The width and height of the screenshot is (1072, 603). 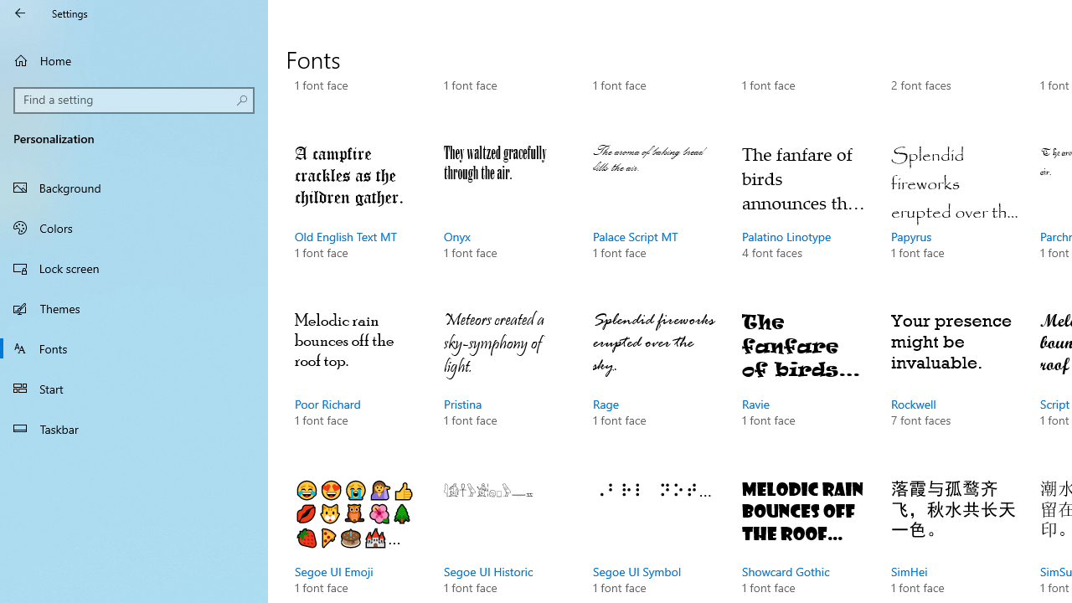 I want to click on 'Ravie, 1 font face', so click(x=805, y=385).